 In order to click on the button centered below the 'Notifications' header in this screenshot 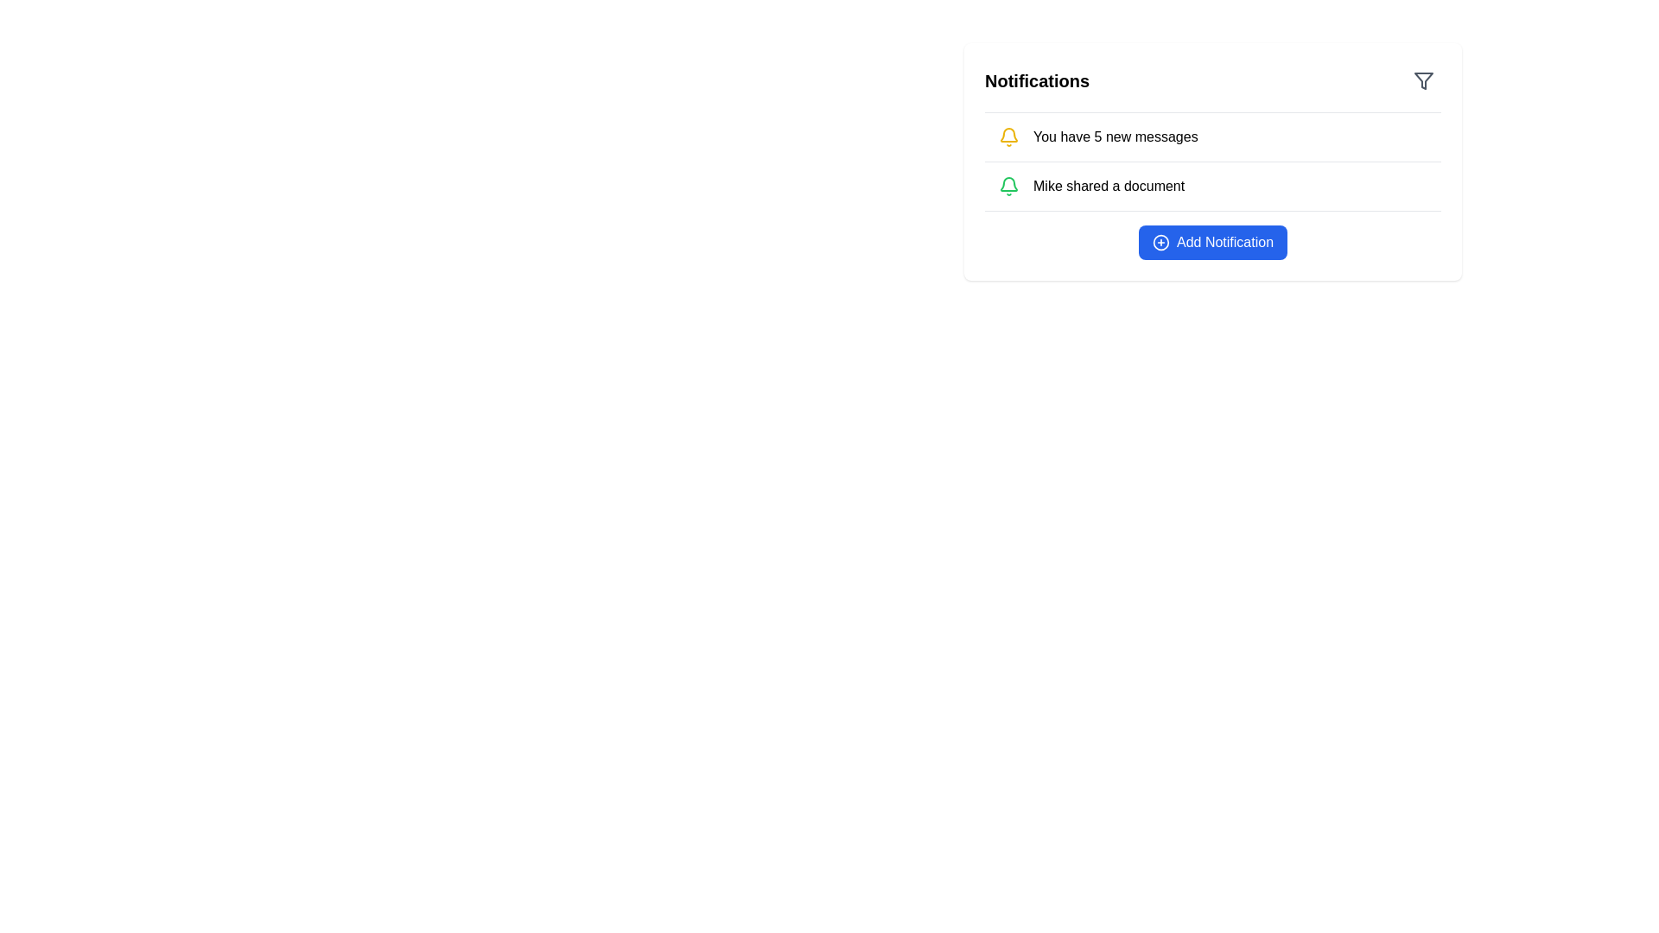, I will do `click(1211, 243)`.